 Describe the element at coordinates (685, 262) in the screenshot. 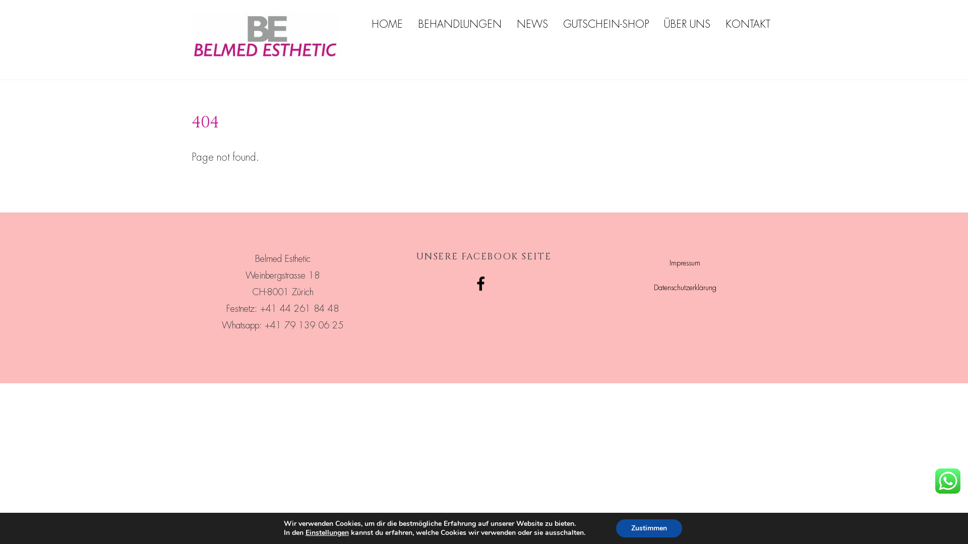

I see `'Impressum'` at that location.